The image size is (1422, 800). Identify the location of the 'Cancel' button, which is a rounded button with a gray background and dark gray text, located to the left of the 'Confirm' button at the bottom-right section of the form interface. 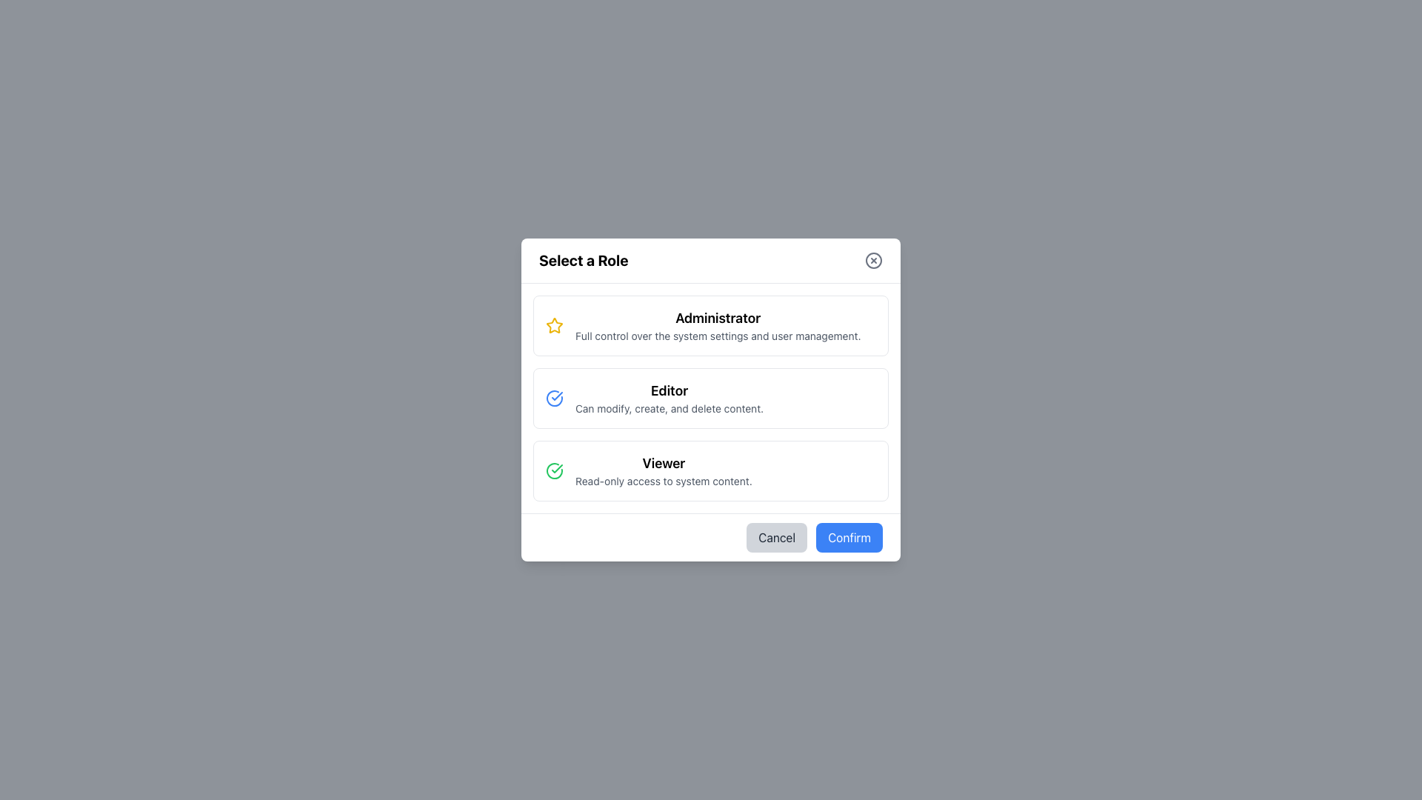
(776, 537).